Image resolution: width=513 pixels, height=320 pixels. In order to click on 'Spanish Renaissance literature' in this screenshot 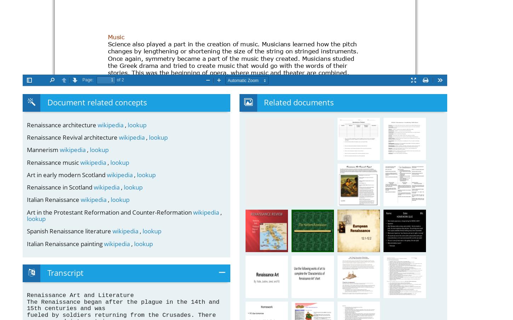, I will do `click(69, 231)`.